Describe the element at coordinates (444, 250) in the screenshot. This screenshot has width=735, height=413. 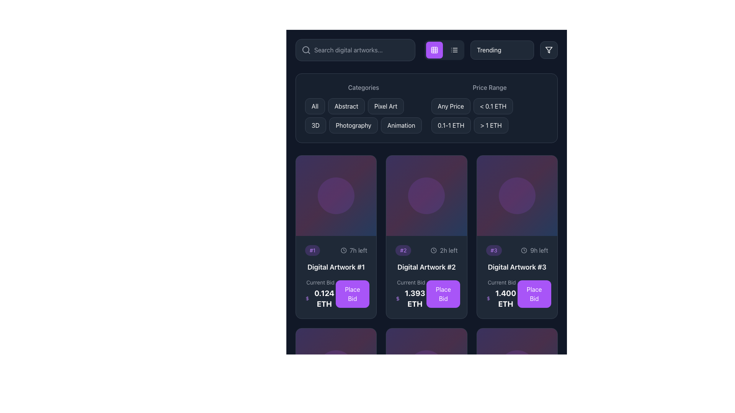
I see `displayed text '2h left' from the Text Label with Icon located in the second card of the horizontally-aligned row, positioned below the card header` at that location.